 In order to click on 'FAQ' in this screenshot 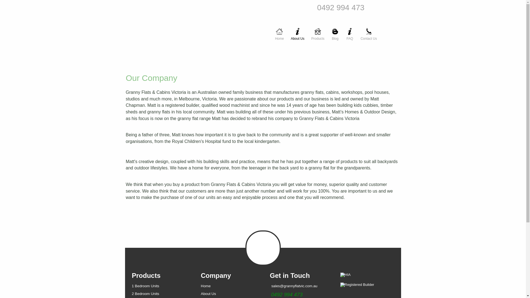, I will do `click(349, 31)`.